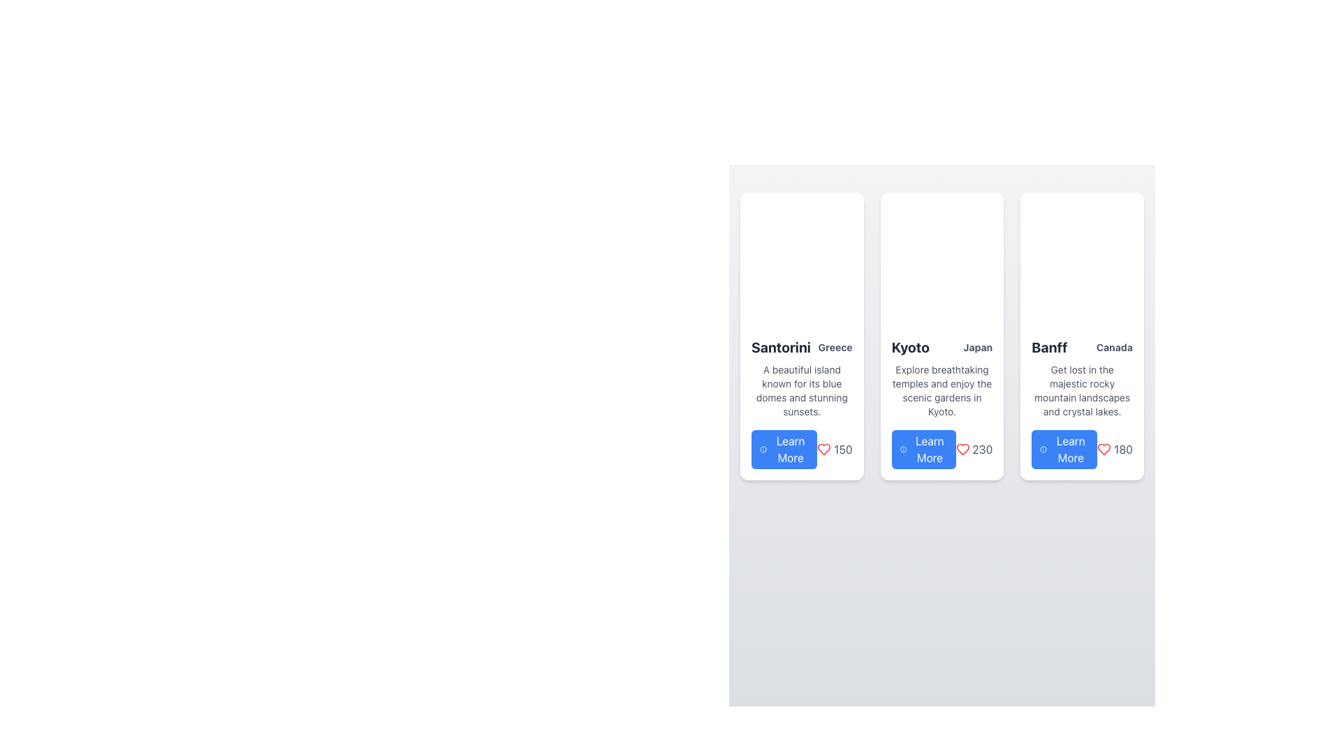 This screenshot has width=1341, height=754. Describe the element at coordinates (763, 450) in the screenshot. I see `the SVG icon located to the left of the 'Learn More' button in the first card` at that location.